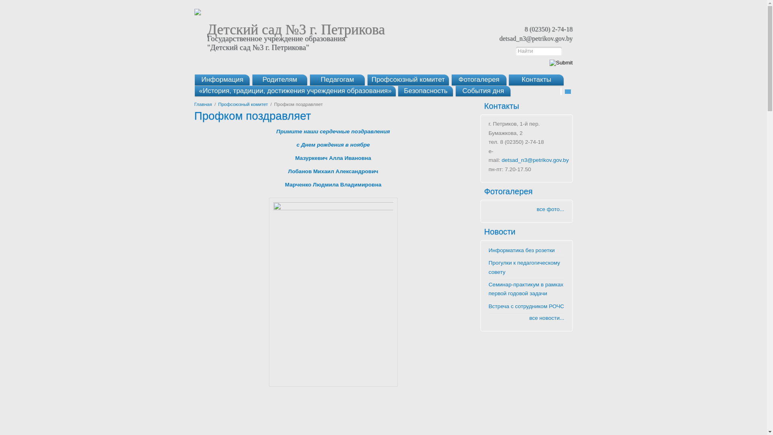 The image size is (773, 435). I want to click on 'Send email', so click(564, 91).